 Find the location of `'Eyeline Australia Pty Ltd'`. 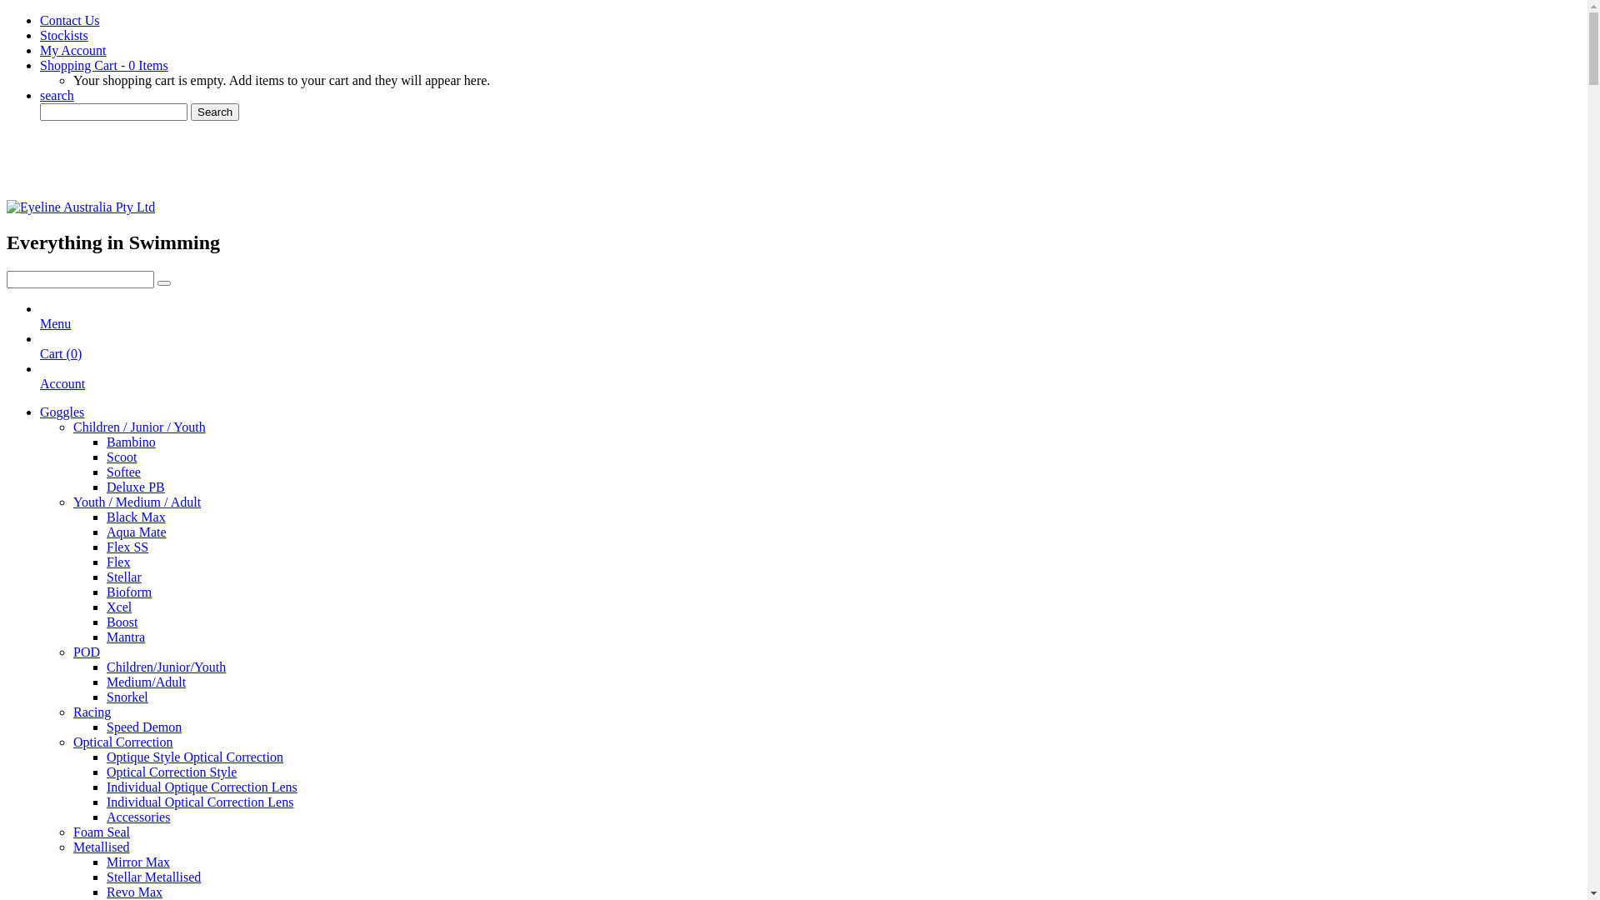

'Eyeline Australia Pty Ltd' is located at coordinates (79, 206).